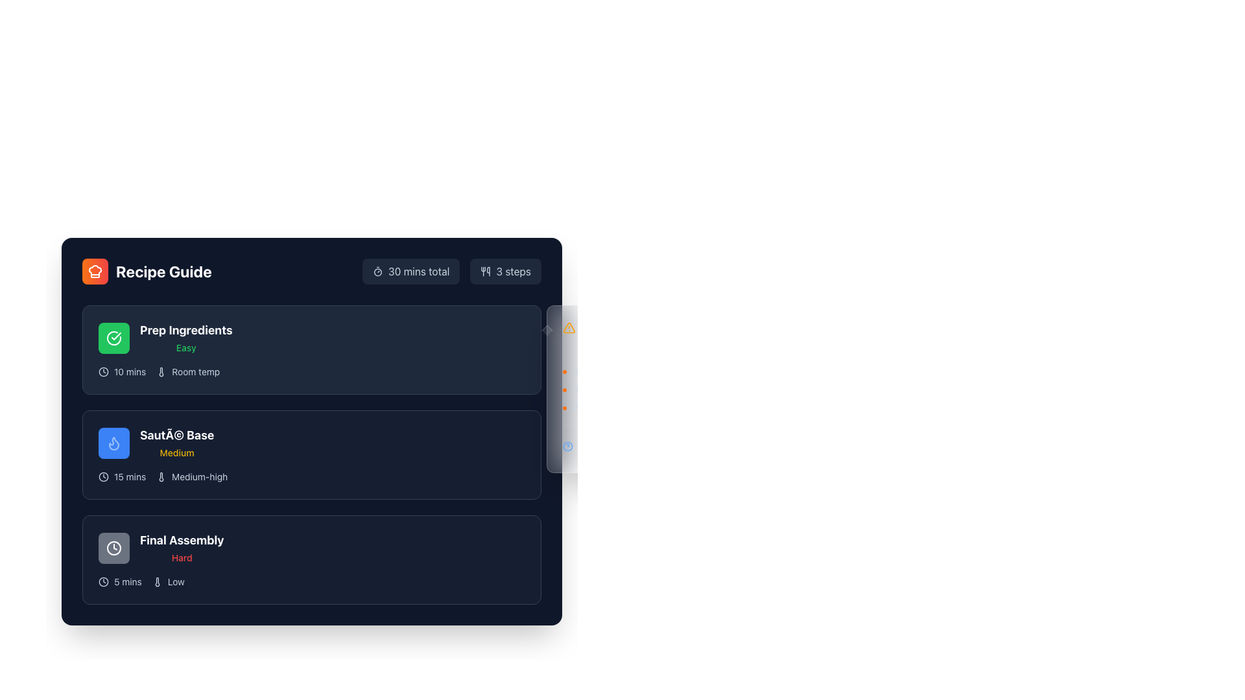 The height and width of the screenshot is (700, 1245). What do you see at coordinates (122, 477) in the screenshot?
I see `the informational label displaying '15 mins' with a clock icon, located in the second section under 'Sauté Base'` at bounding box center [122, 477].